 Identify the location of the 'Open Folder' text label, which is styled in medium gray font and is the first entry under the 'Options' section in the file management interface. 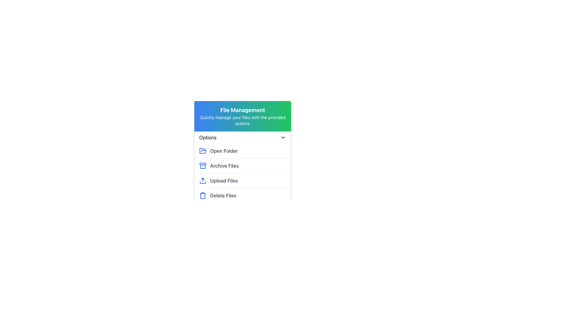
(224, 151).